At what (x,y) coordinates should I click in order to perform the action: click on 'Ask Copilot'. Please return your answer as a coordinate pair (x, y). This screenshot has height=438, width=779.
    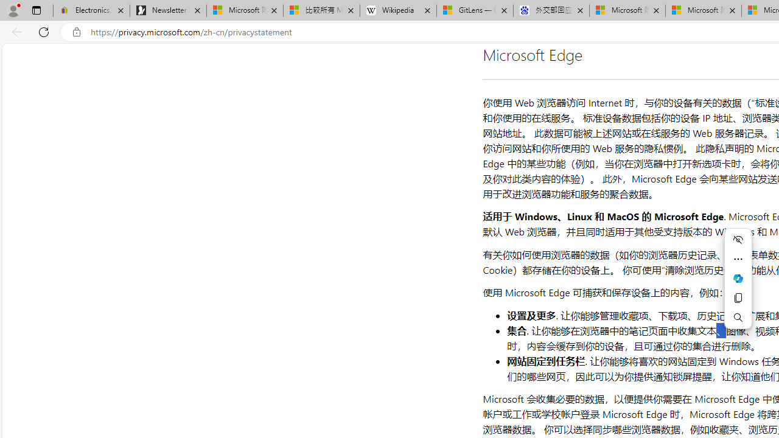
    Looking at the image, I should click on (737, 278).